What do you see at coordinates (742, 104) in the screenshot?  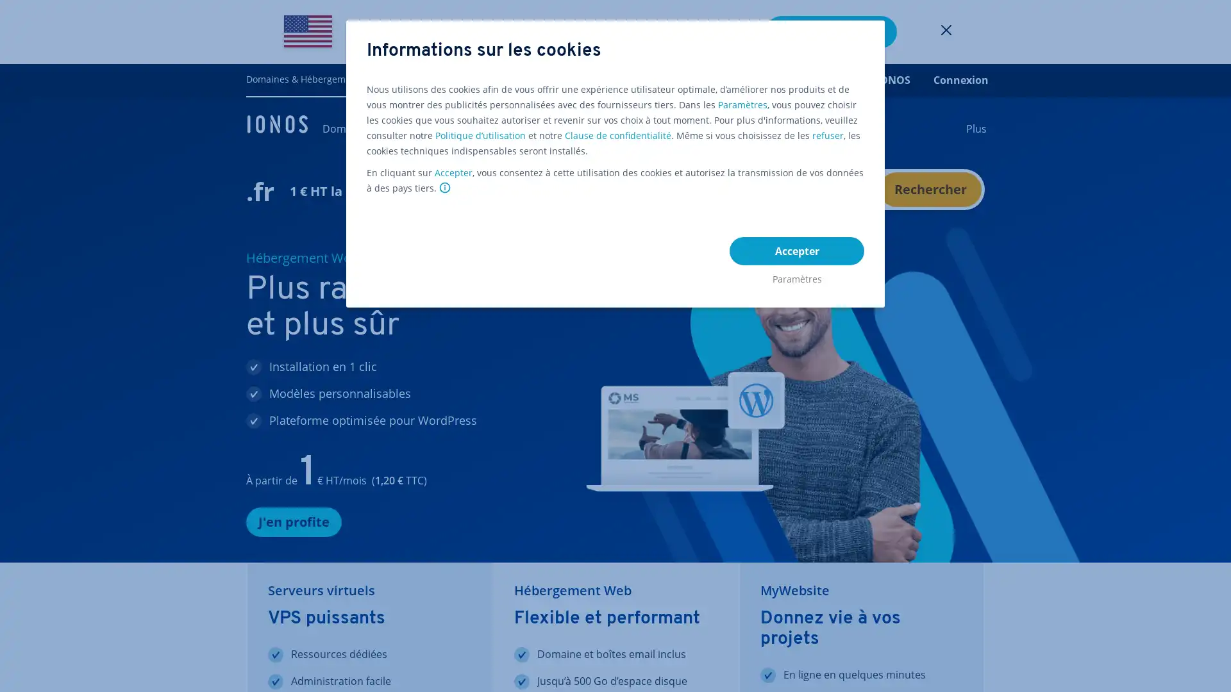 I see `Parametres` at bounding box center [742, 104].